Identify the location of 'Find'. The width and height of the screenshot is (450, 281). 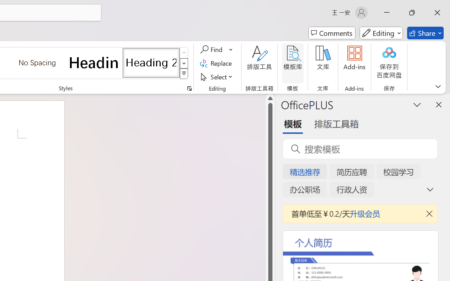
(212, 50).